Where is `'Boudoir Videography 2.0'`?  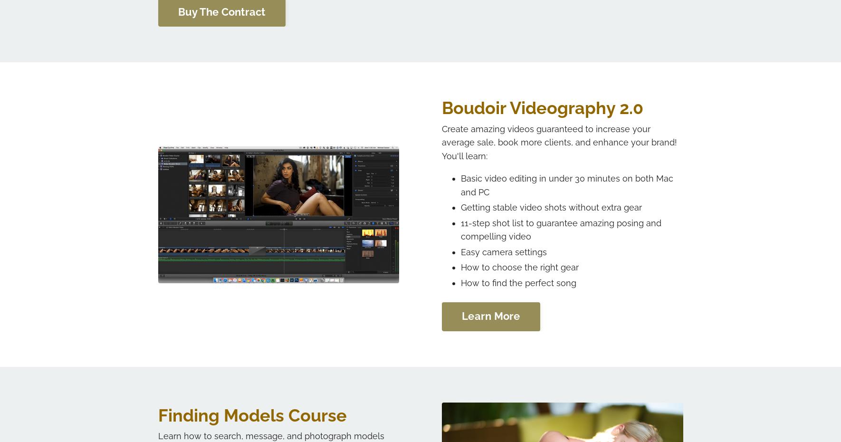
'Boudoir Videography 2.0' is located at coordinates (543, 107).